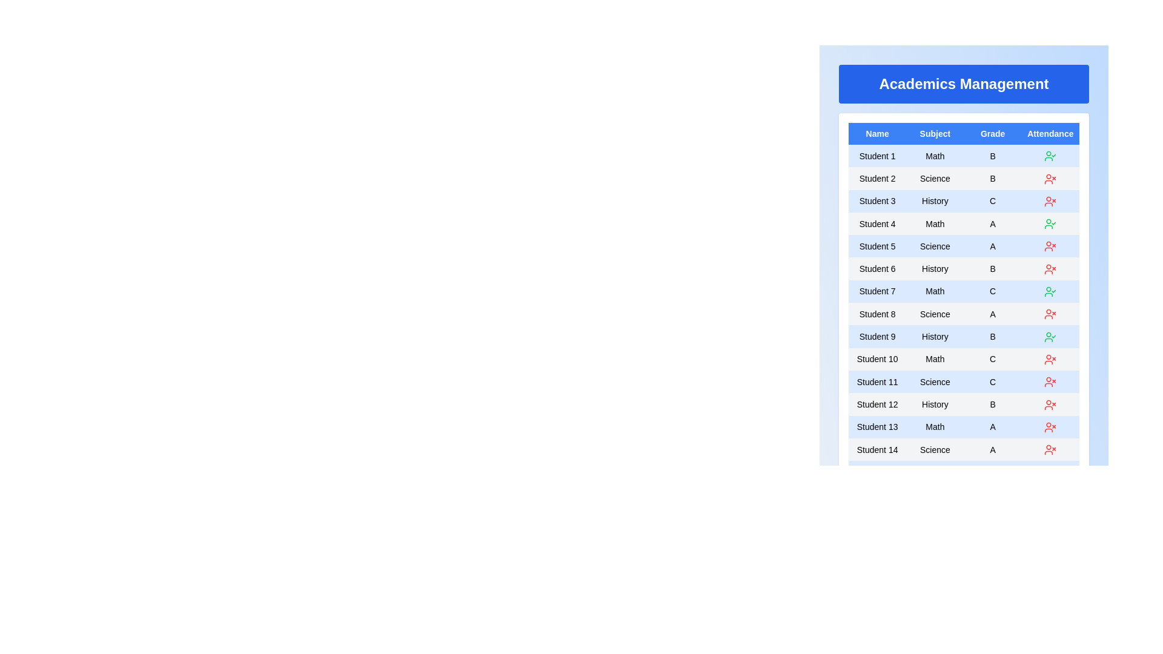 The height and width of the screenshot is (654, 1163). I want to click on the column header Name to sort the table by that column, so click(877, 133).